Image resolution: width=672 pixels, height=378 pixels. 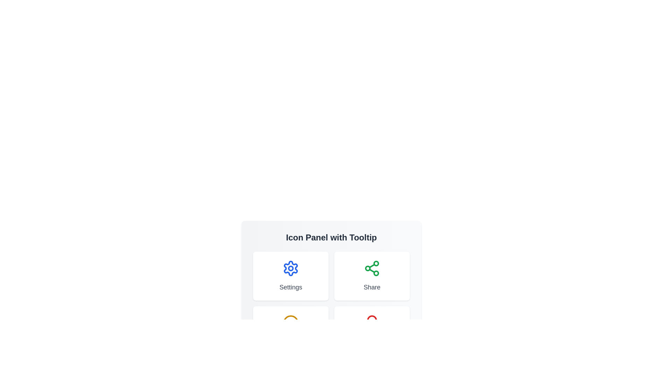 What do you see at coordinates (290, 287) in the screenshot?
I see `the 'Settings' text label, which is styled with a medium font weight and gray color, positioned below a gear icon within a rounded white card` at bounding box center [290, 287].